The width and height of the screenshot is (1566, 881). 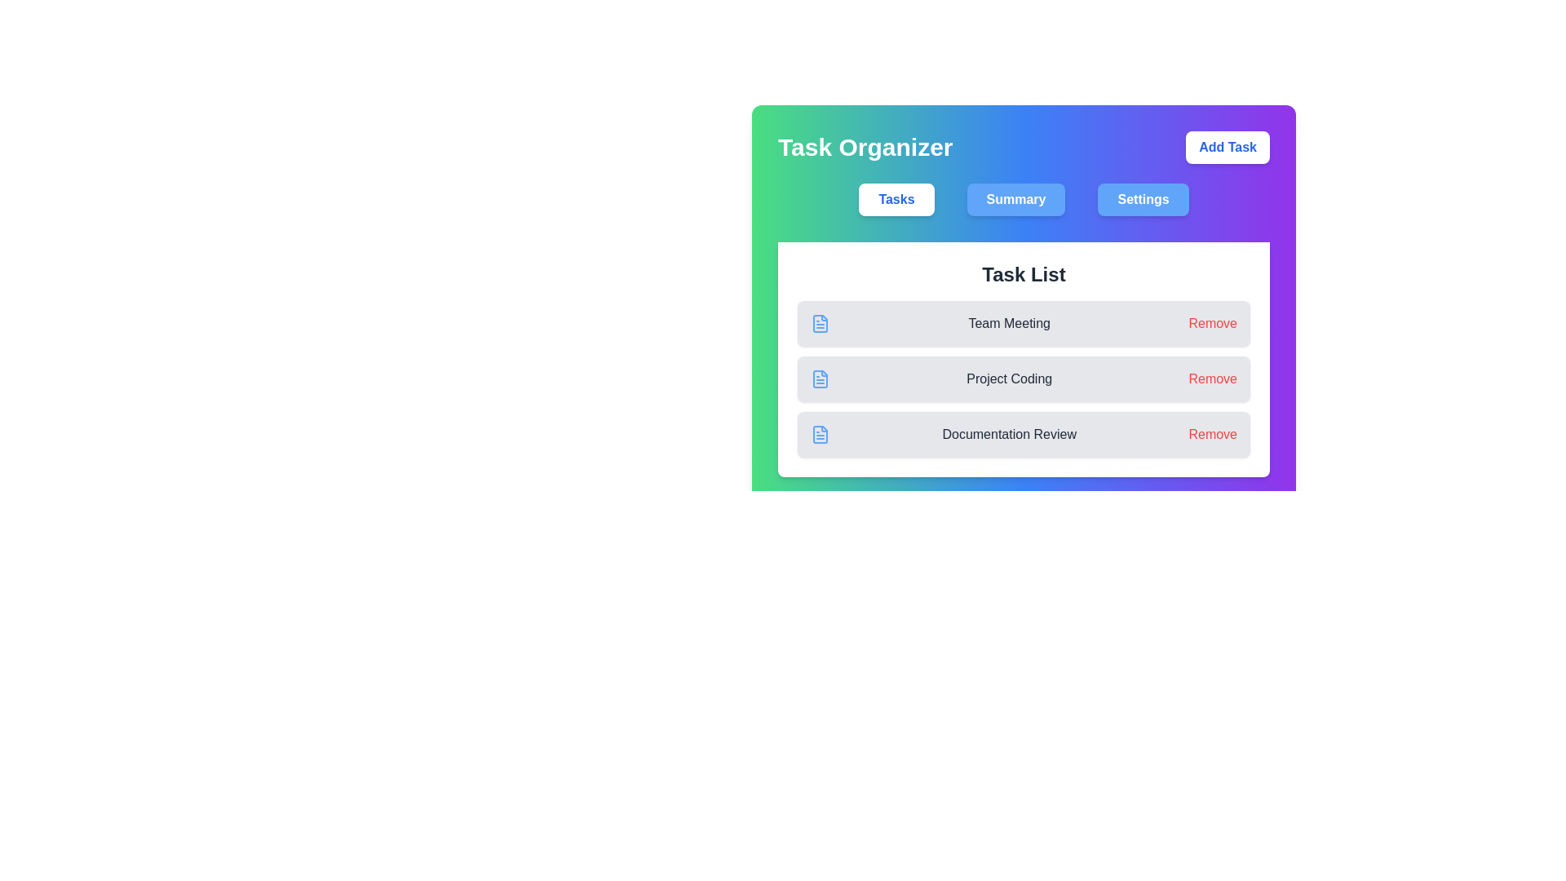 What do you see at coordinates (1142, 199) in the screenshot?
I see `the 'Settings' button, which is the third button in a horizontal sequence of three buttons below the 'Task Organizer' header` at bounding box center [1142, 199].